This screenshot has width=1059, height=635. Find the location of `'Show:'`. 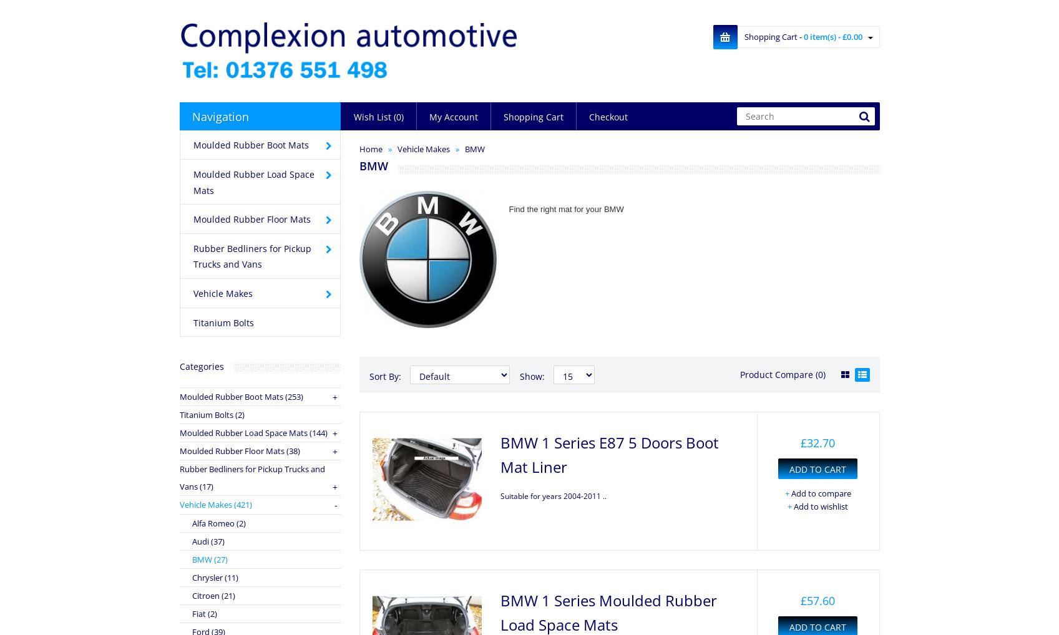

'Show:' is located at coordinates (532, 376).